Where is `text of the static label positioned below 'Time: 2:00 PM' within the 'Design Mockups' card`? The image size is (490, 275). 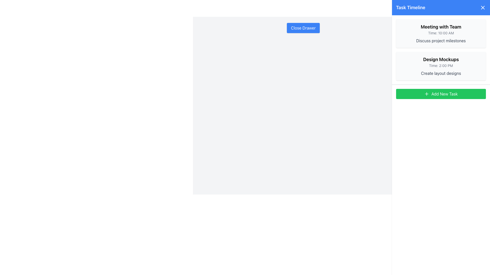
text of the static label positioned below 'Time: 2:00 PM' within the 'Design Mockups' card is located at coordinates (441, 73).